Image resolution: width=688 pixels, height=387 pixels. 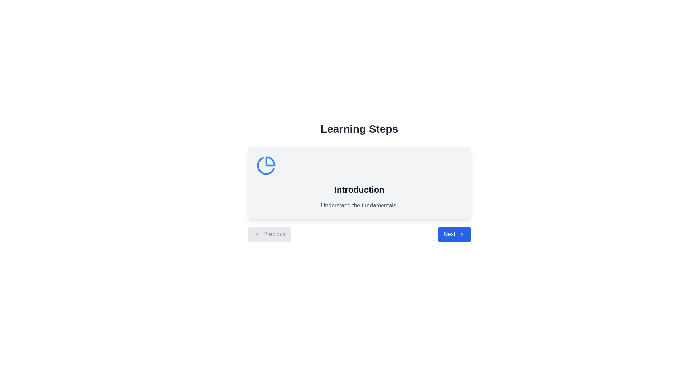 What do you see at coordinates (269, 234) in the screenshot?
I see `the 'Previous' button, which is a rectangular button with rounded corners, light gray background, and dark gray text` at bounding box center [269, 234].